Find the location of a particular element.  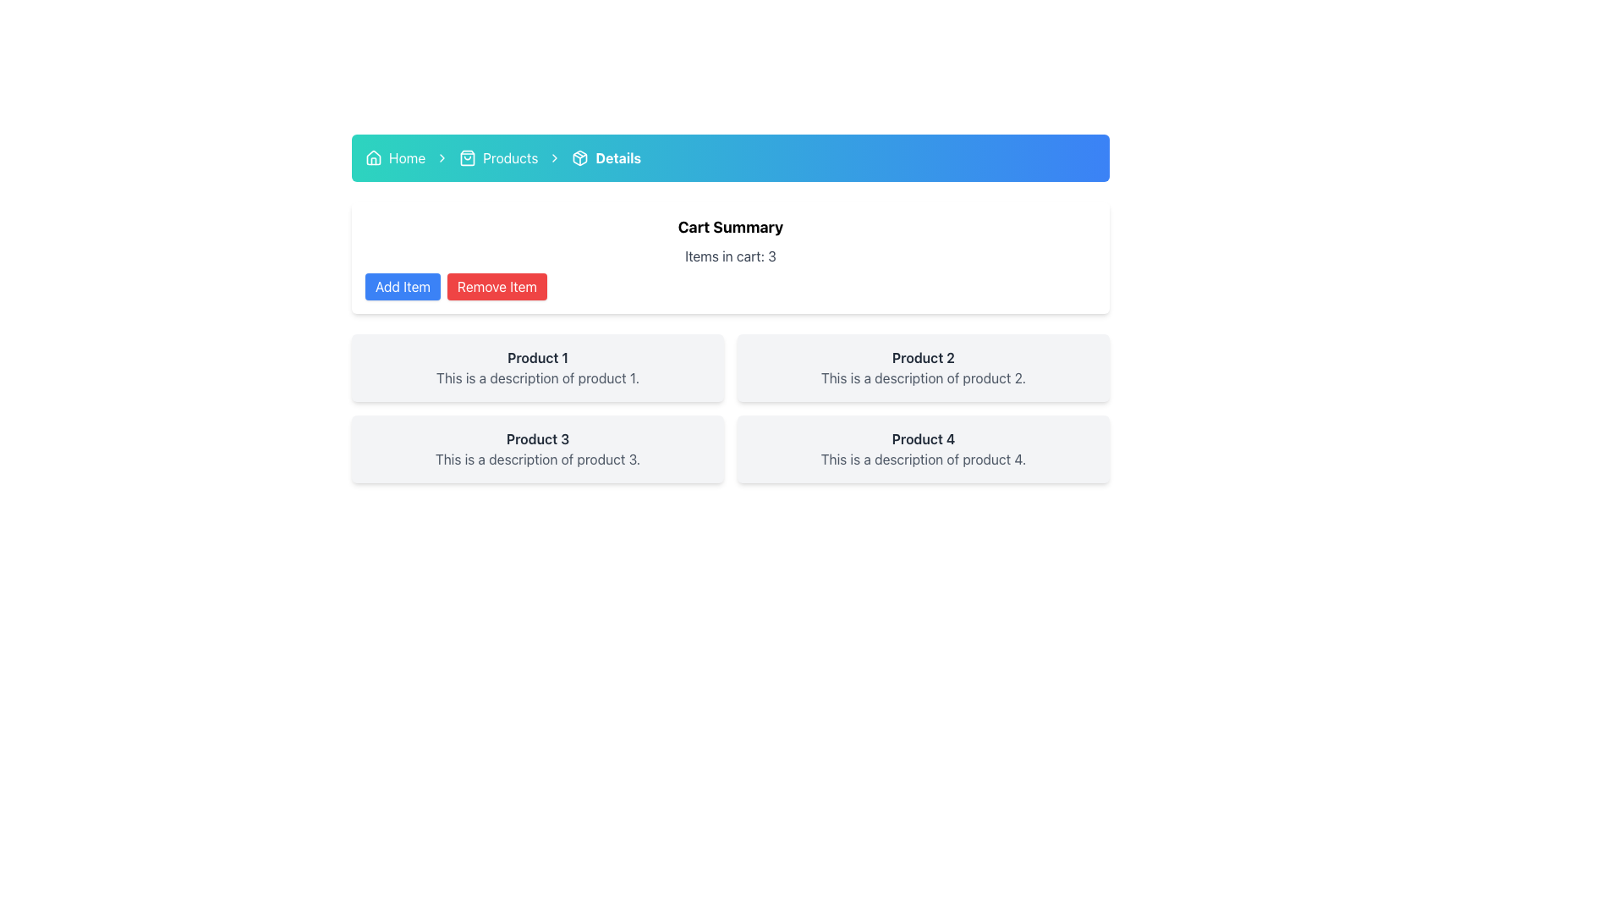

the 'Details' breadcrumb link in the navigation bar, which is the third item in the sequence 'Home > Products > Details' is located at coordinates (606, 157).